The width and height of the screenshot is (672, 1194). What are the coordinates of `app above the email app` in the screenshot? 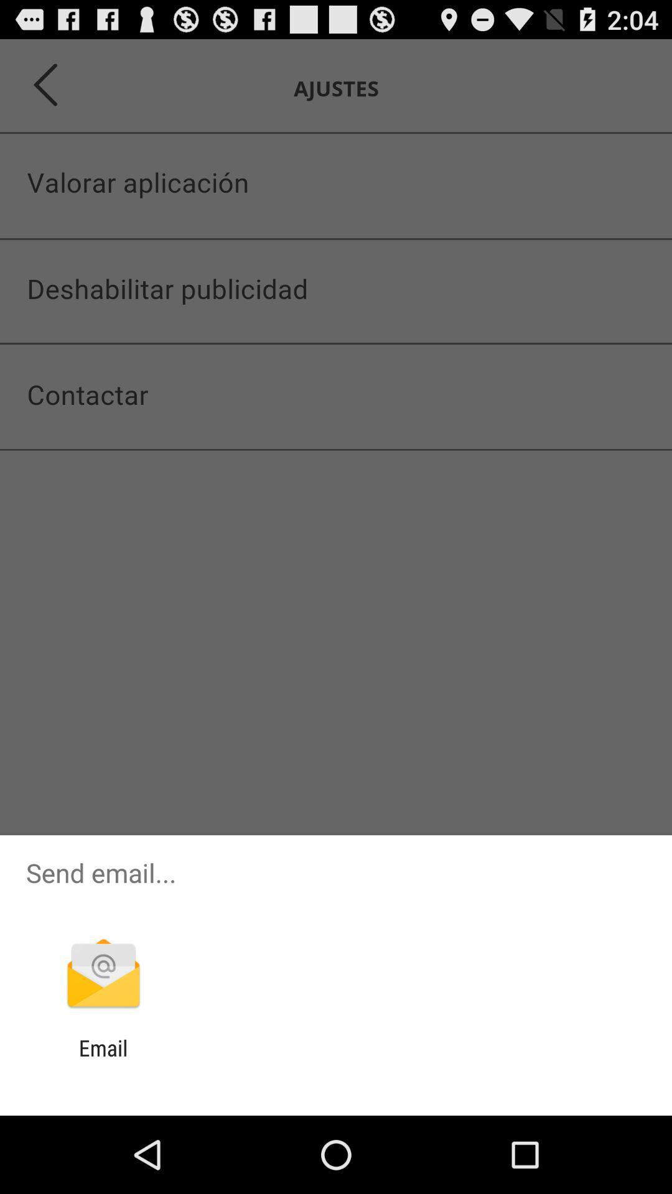 It's located at (103, 974).